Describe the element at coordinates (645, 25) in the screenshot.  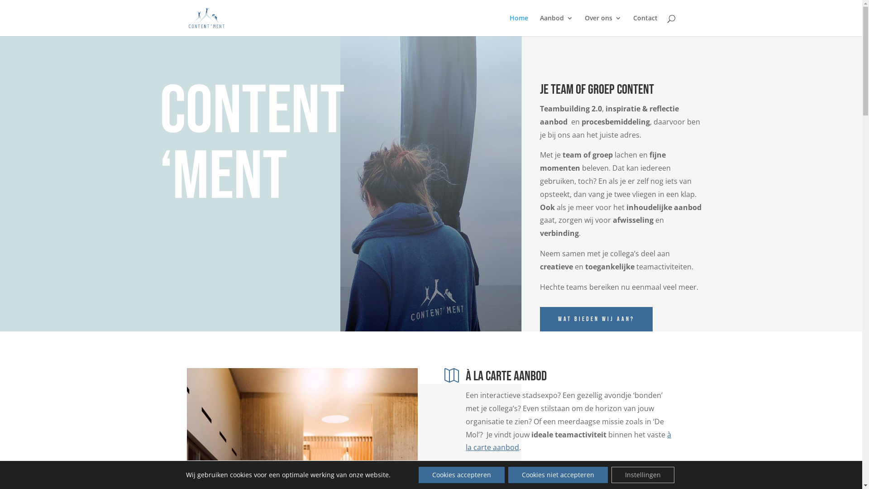
I see `'Contact'` at that location.